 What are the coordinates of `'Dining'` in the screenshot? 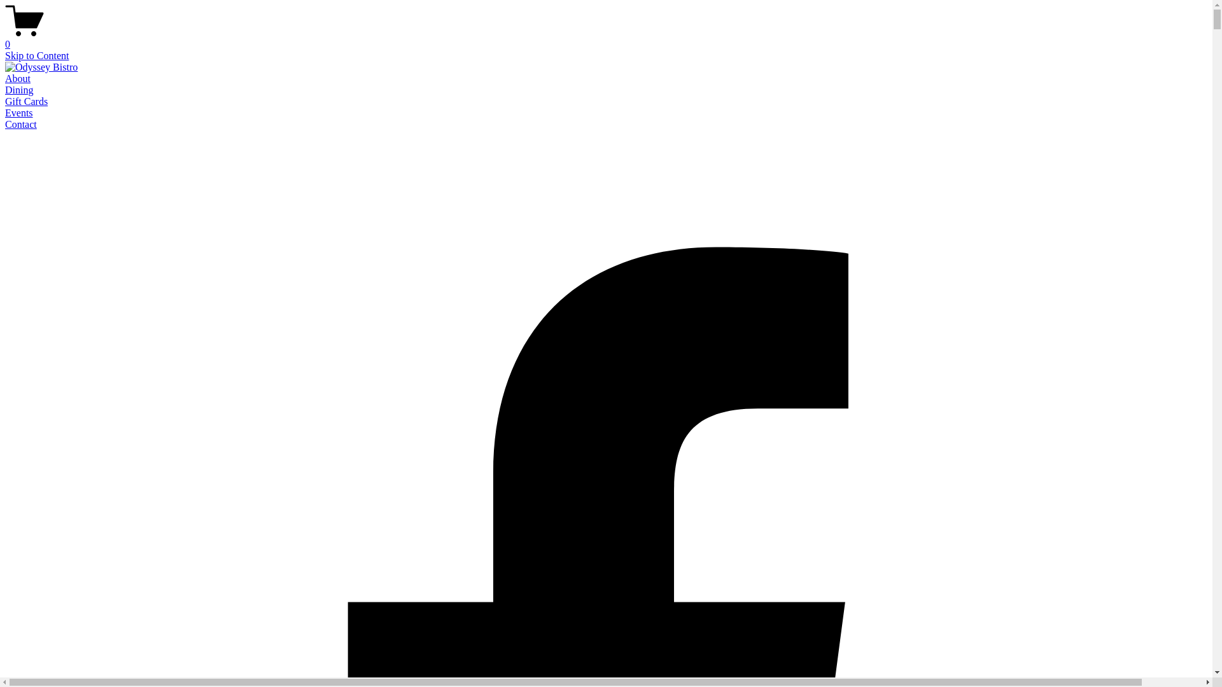 It's located at (18, 89).